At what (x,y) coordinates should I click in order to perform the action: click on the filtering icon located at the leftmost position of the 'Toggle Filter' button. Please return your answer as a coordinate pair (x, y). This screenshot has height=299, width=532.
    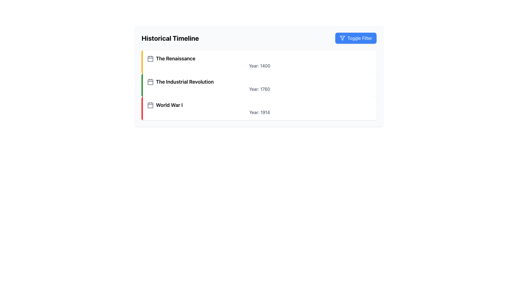
    Looking at the image, I should click on (342, 38).